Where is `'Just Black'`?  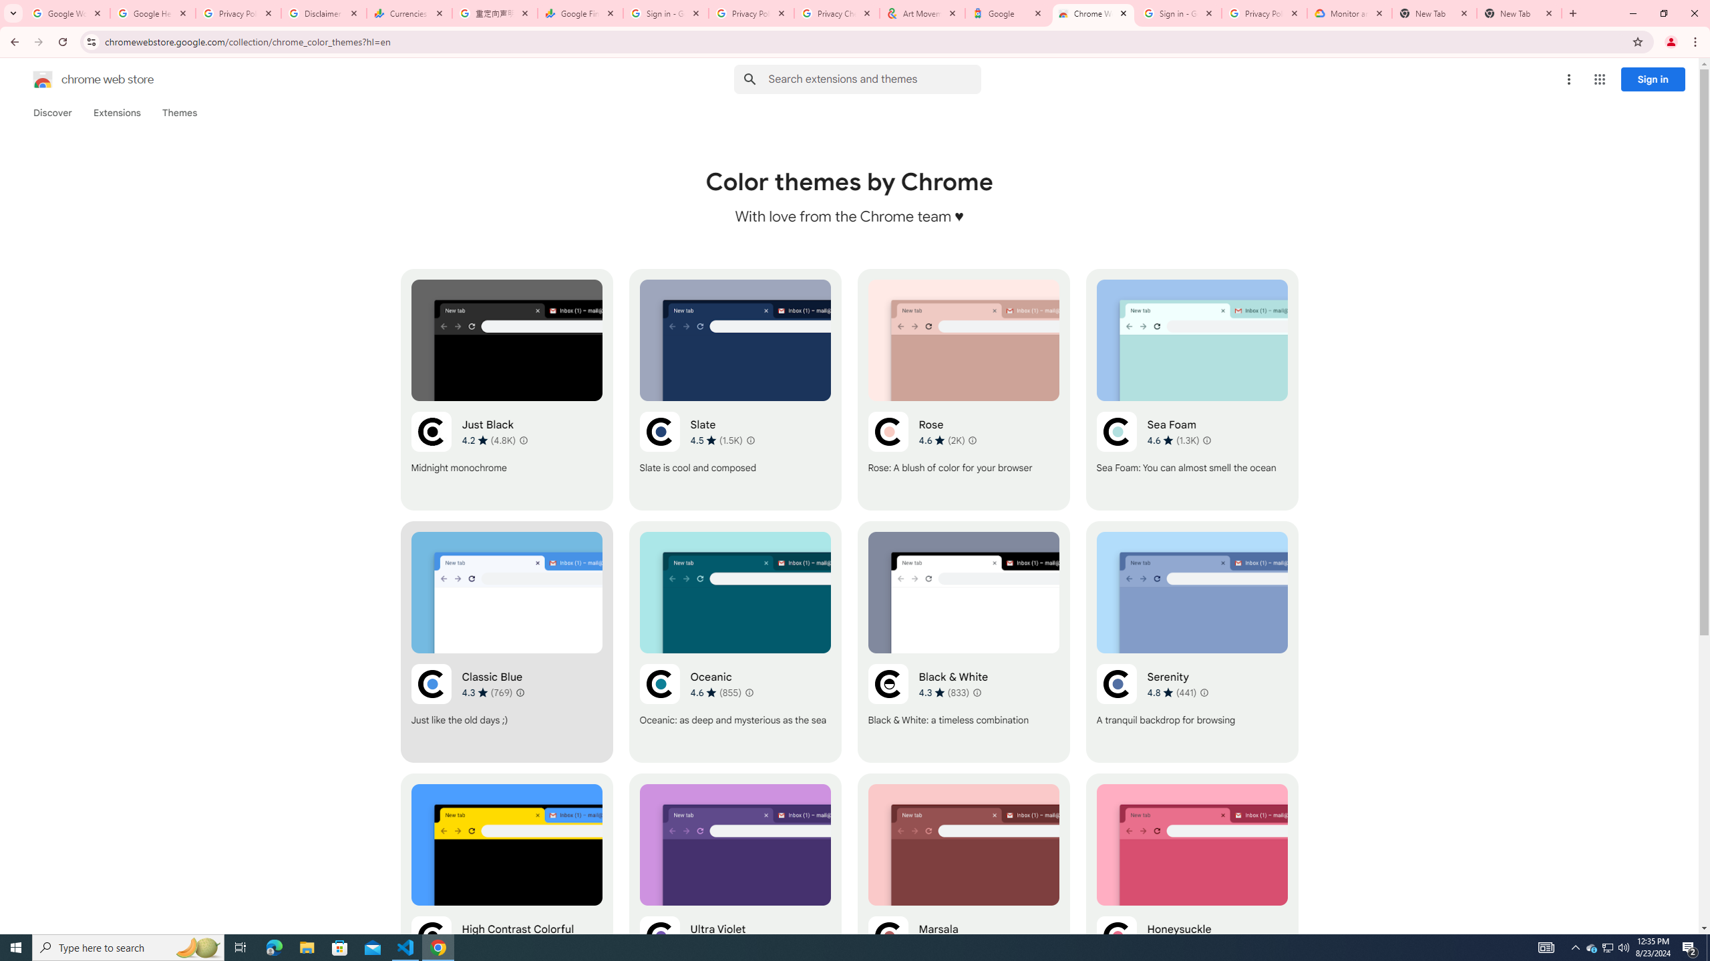
'Just Black' is located at coordinates (506, 388).